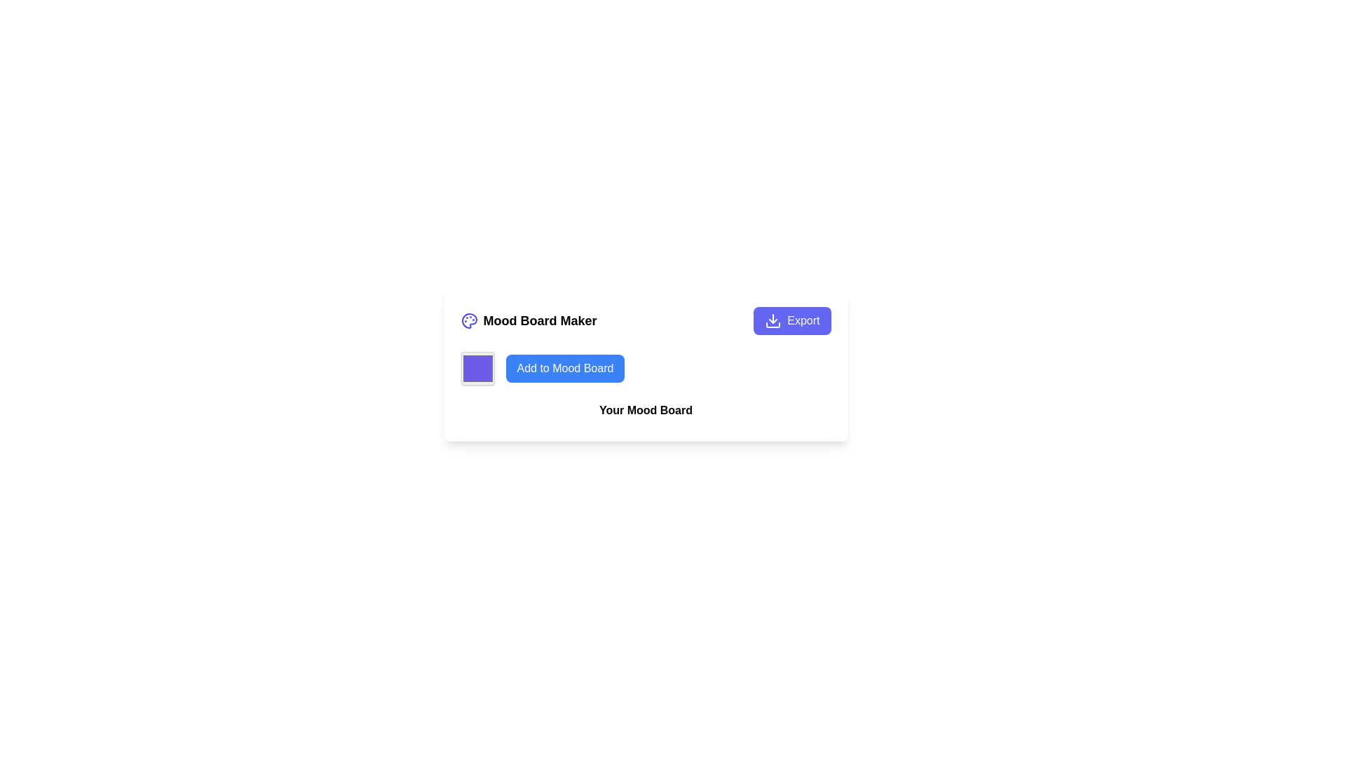 This screenshot has height=757, width=1346. What do you see at coordinates (469, 321) in the screenshot?
I see `the indigo palette icon located next to the text 'Mood Board Maker' at the top left of the panel` at bounding box center [469, 321].